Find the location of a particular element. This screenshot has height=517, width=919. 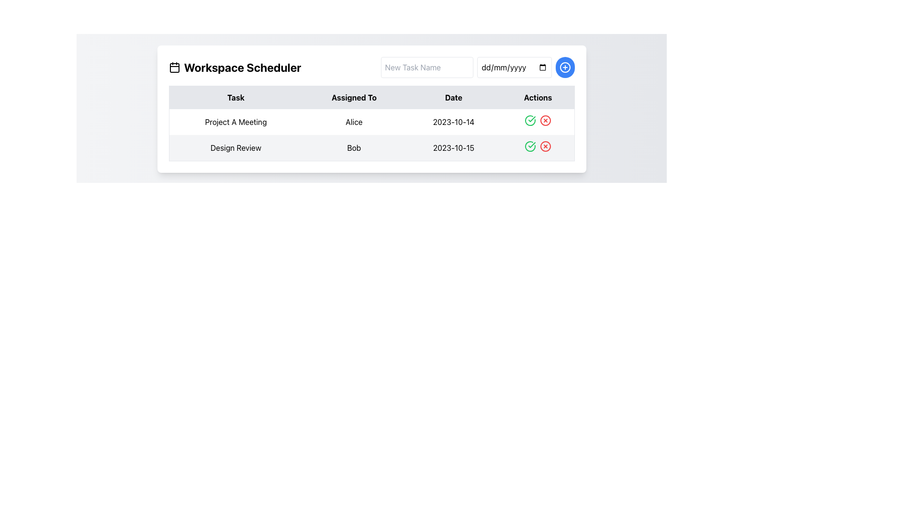

the calendar icon element, which is a rectangular shape with rounded corners, located to the left of the 'Workspace Scheduler' text in the header section is located at coordinates (174, 67).